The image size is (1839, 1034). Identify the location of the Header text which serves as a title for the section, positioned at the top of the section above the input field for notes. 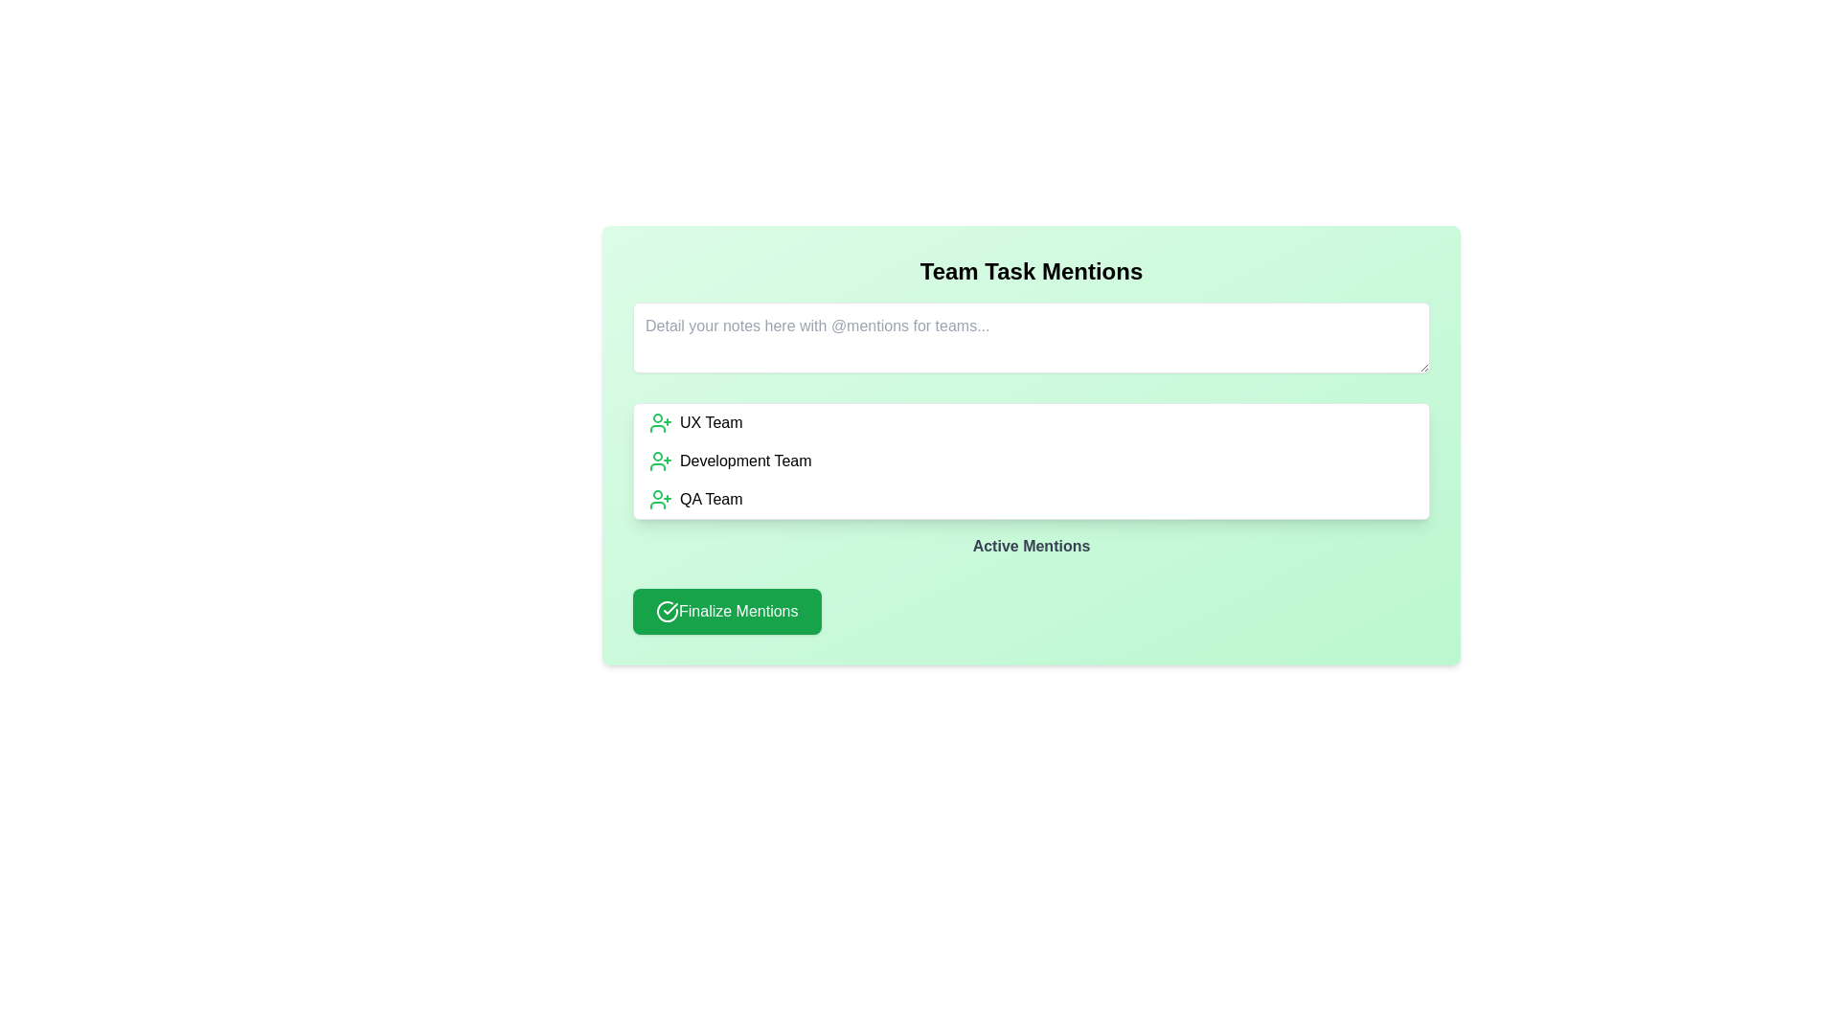
(1030, 272).